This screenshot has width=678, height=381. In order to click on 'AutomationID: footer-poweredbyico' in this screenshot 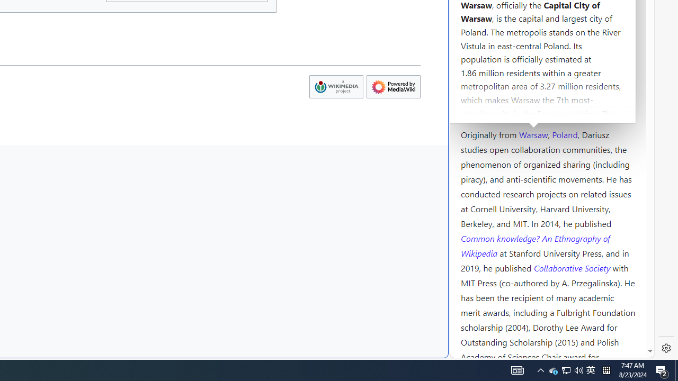, I will do `click(393, 86)`.